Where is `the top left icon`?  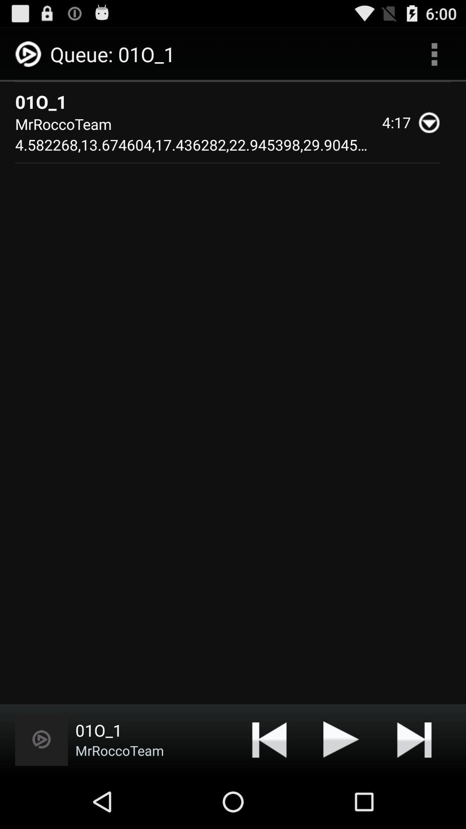 the top left icon is located at coordinates (29, 54).